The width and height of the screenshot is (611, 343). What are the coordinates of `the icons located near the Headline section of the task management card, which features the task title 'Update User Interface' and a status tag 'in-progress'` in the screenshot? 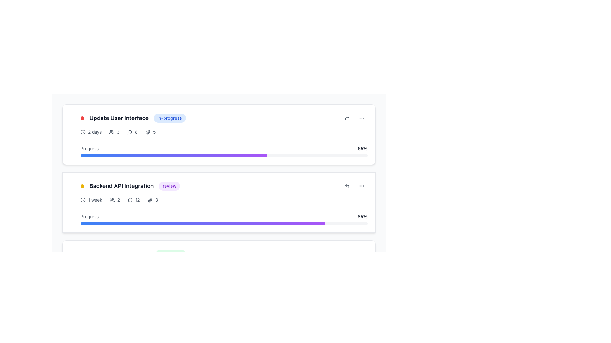 It's located at (224, 118).